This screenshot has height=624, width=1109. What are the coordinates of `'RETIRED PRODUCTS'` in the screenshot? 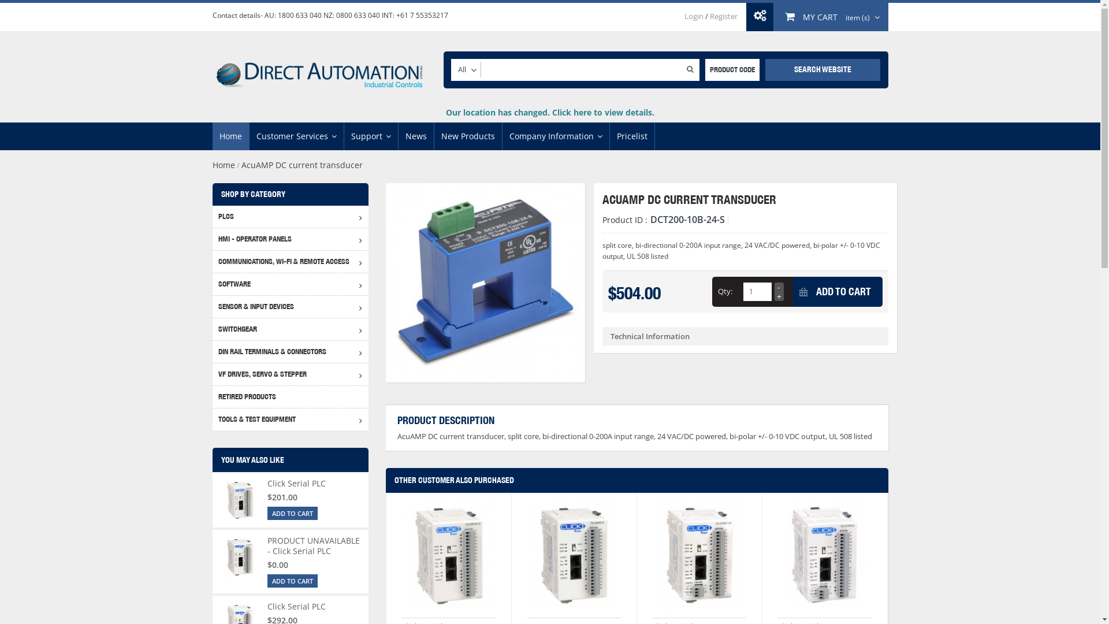 It's located at (291, 396).